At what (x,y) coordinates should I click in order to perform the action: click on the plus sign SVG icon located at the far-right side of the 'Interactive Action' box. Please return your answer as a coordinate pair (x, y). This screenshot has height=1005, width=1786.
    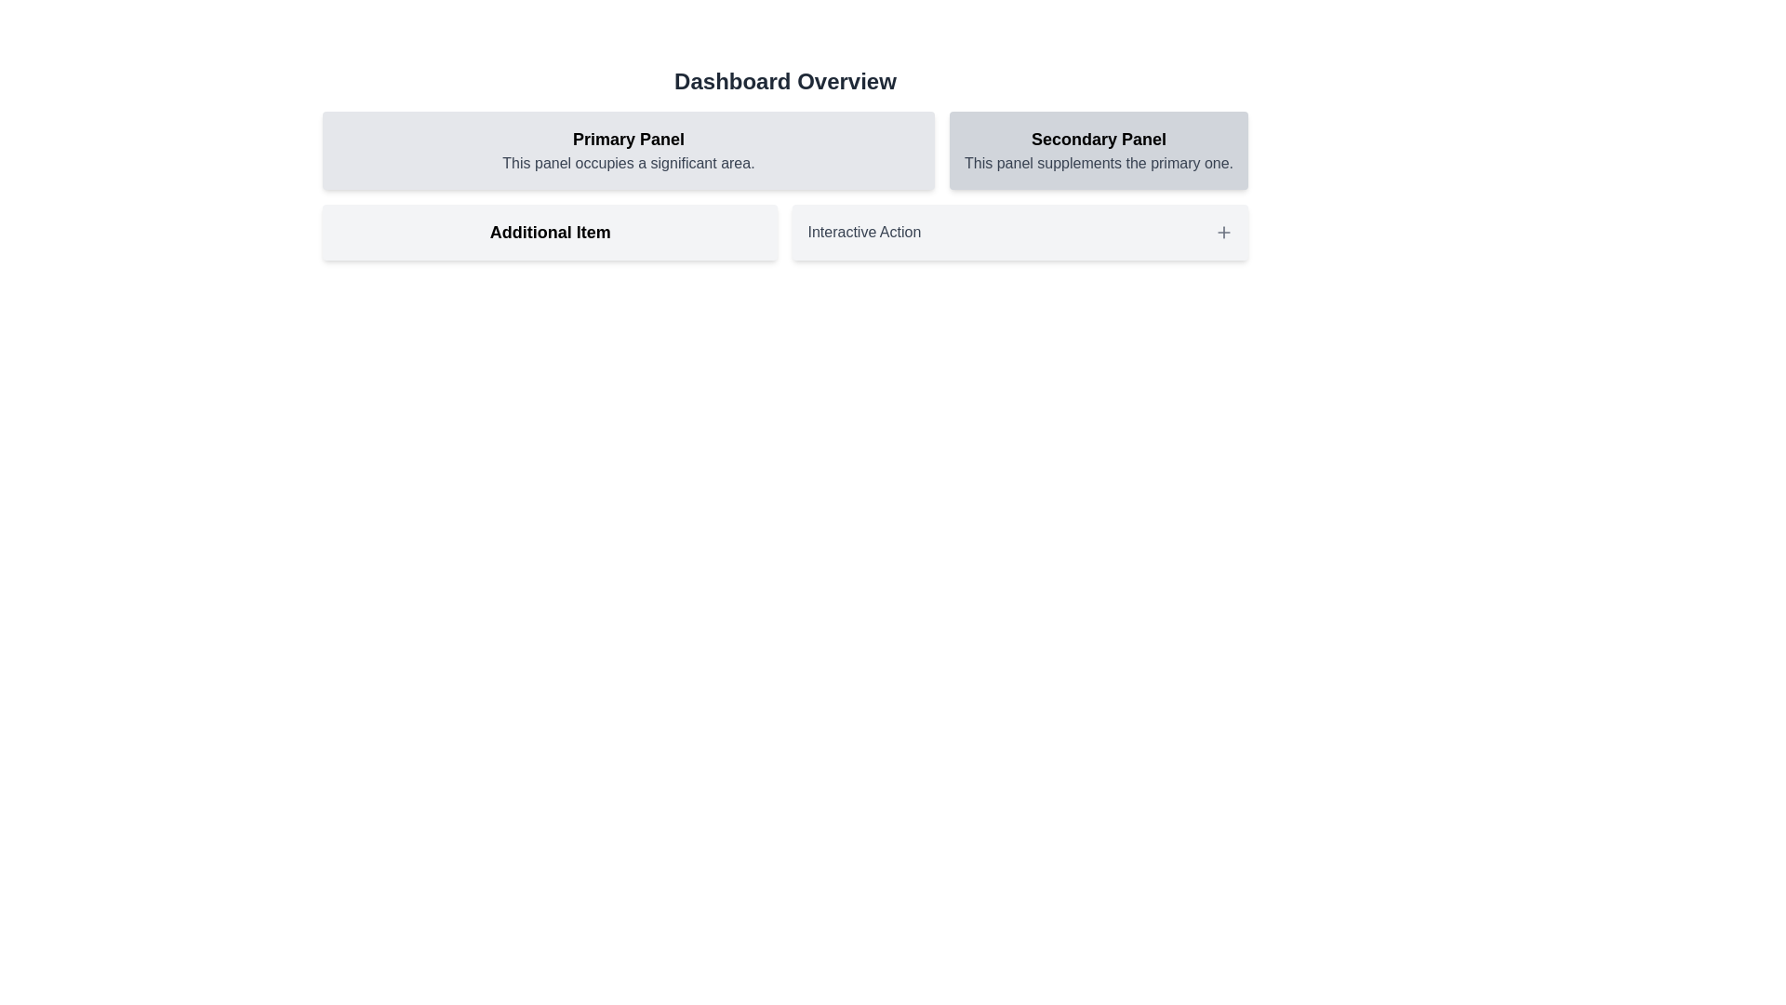
    Looking at the image, I should click on (1223, 232).